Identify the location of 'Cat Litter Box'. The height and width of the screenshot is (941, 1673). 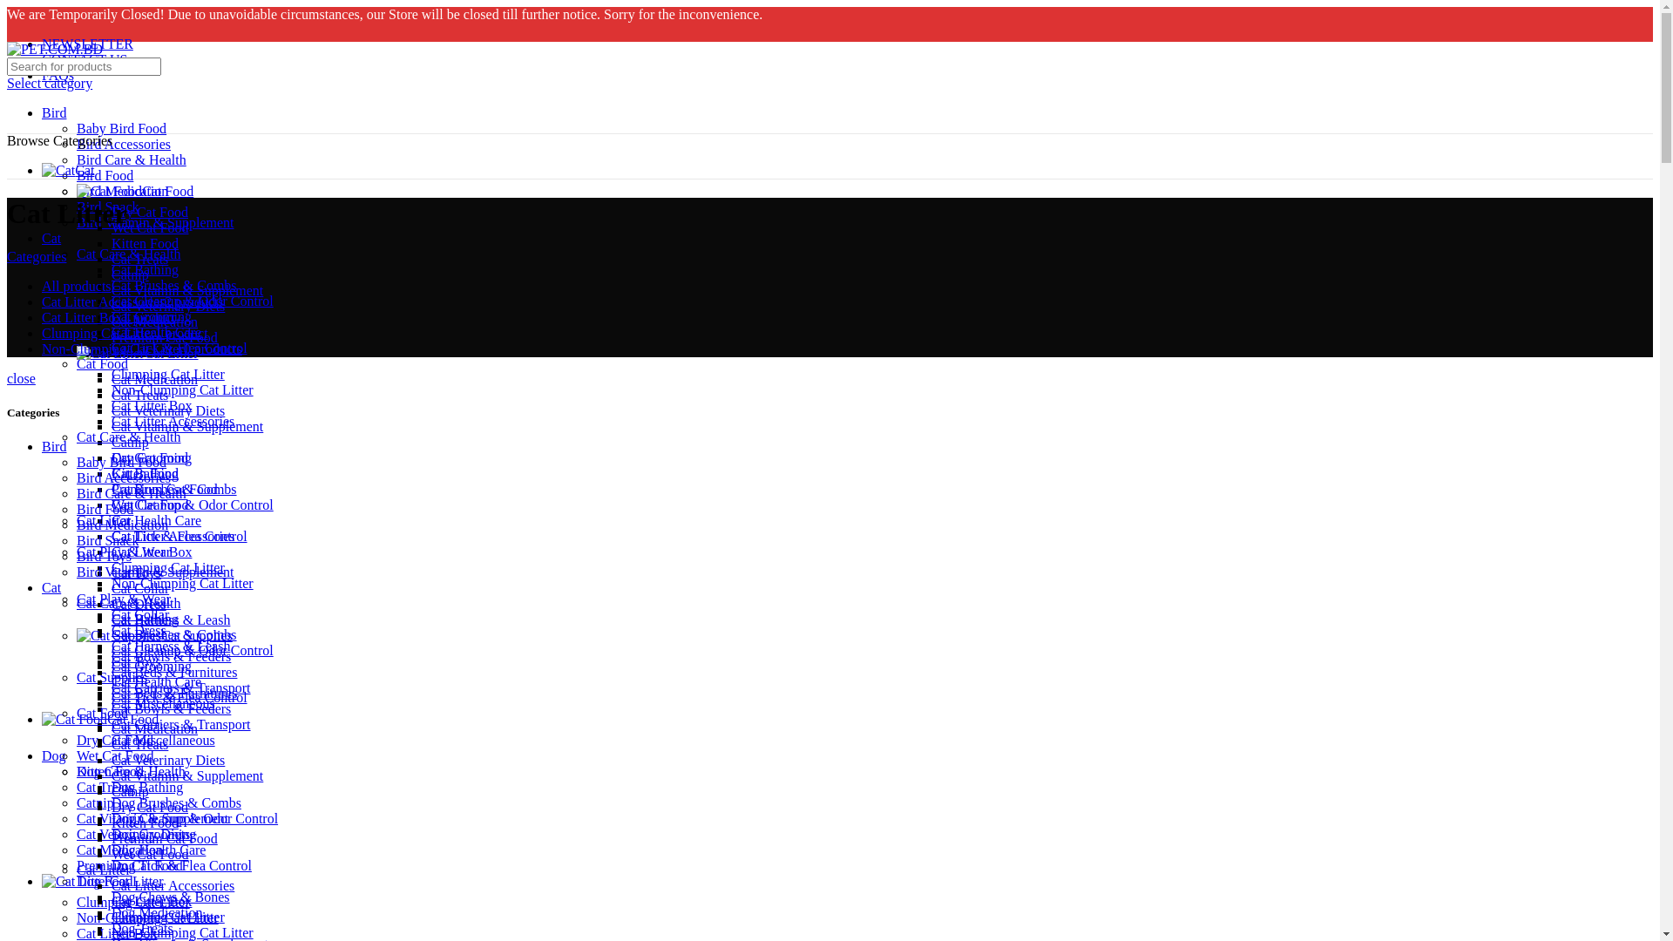
(151, 405).